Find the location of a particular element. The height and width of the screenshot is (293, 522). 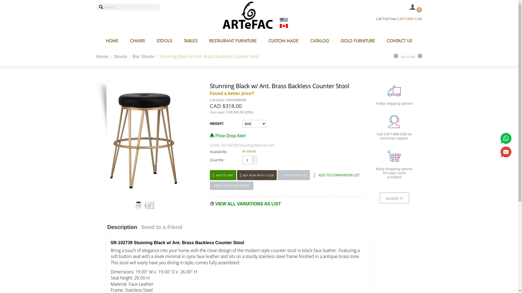

'SHARE IT' is located at coordinates (394, 199).